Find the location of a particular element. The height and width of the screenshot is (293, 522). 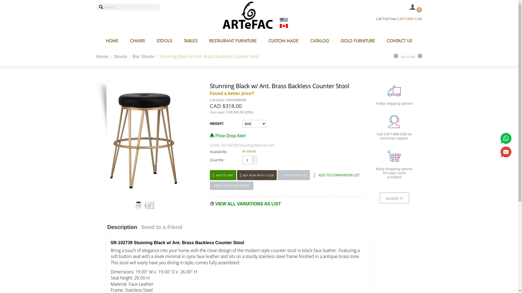

'SHARE IT' is located at coordinates (394, 199).